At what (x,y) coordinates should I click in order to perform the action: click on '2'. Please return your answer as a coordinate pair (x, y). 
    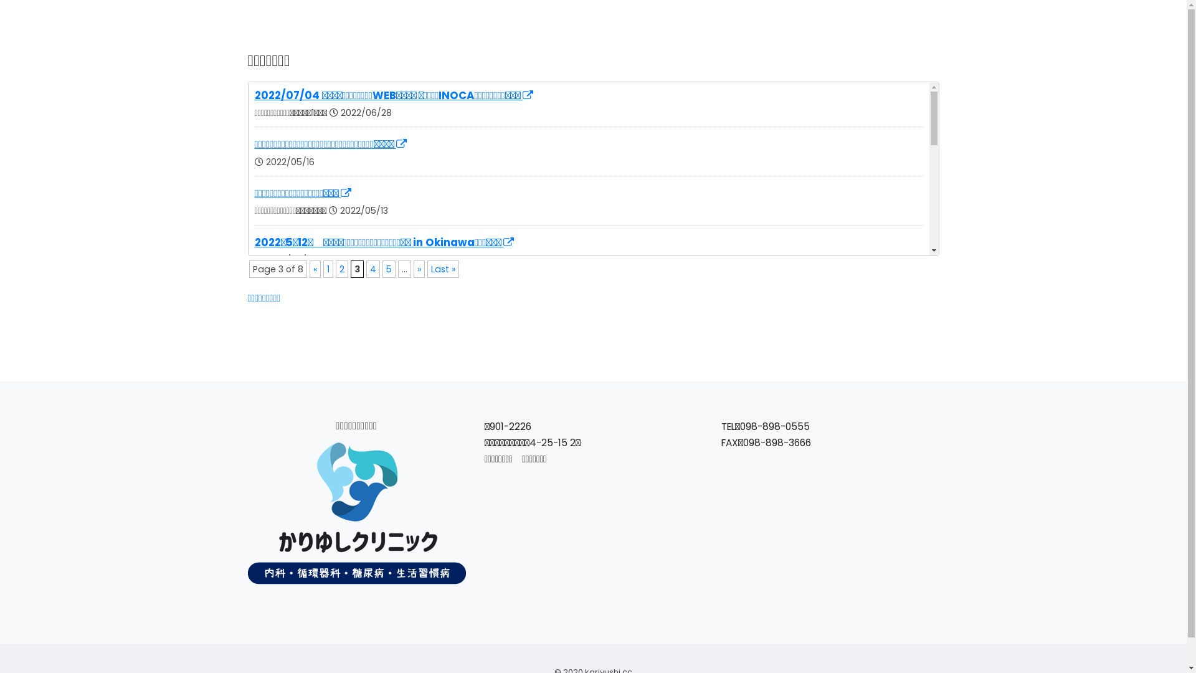
    Looking at the image, I should click on (341, 269).